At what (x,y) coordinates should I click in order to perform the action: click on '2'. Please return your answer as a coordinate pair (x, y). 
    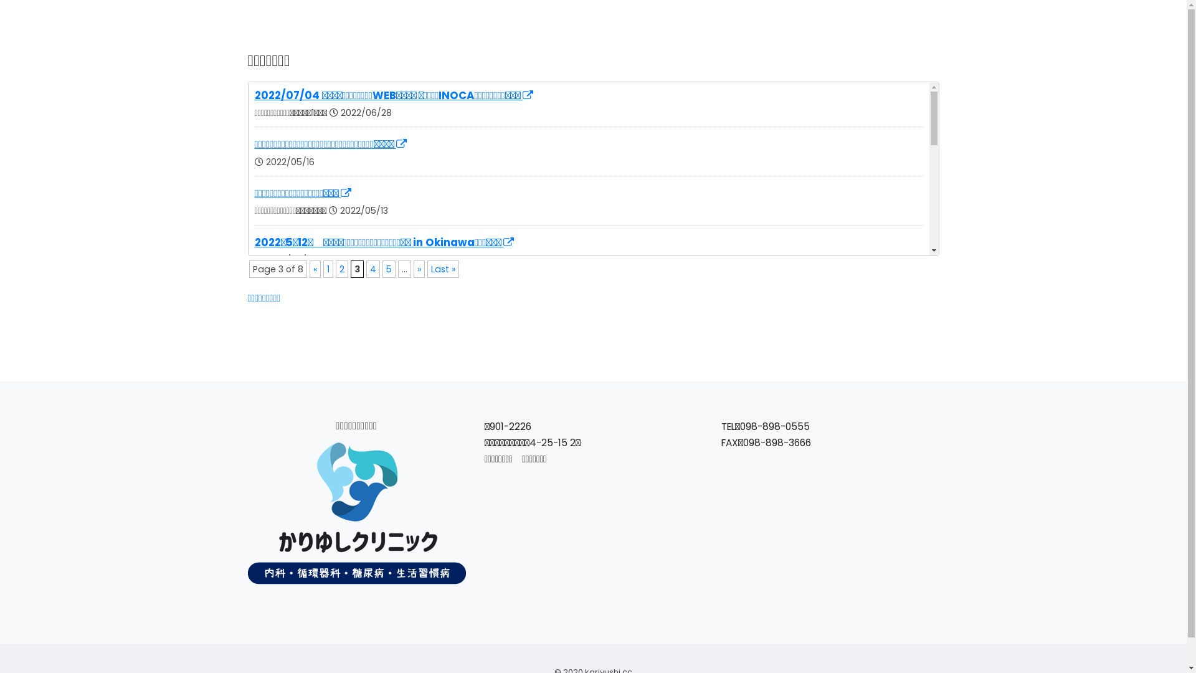
    Looking at the image, I should click on (341, 269).